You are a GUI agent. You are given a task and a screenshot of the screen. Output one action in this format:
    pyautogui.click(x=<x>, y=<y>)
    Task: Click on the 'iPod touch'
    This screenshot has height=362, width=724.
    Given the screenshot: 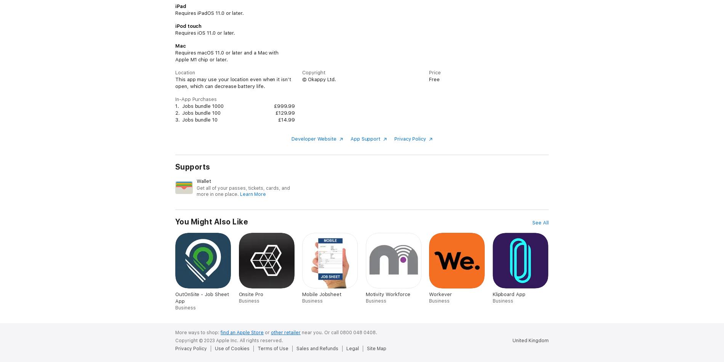 What is the action you would take?
    pyautogui.click(x=188, y=26)
    